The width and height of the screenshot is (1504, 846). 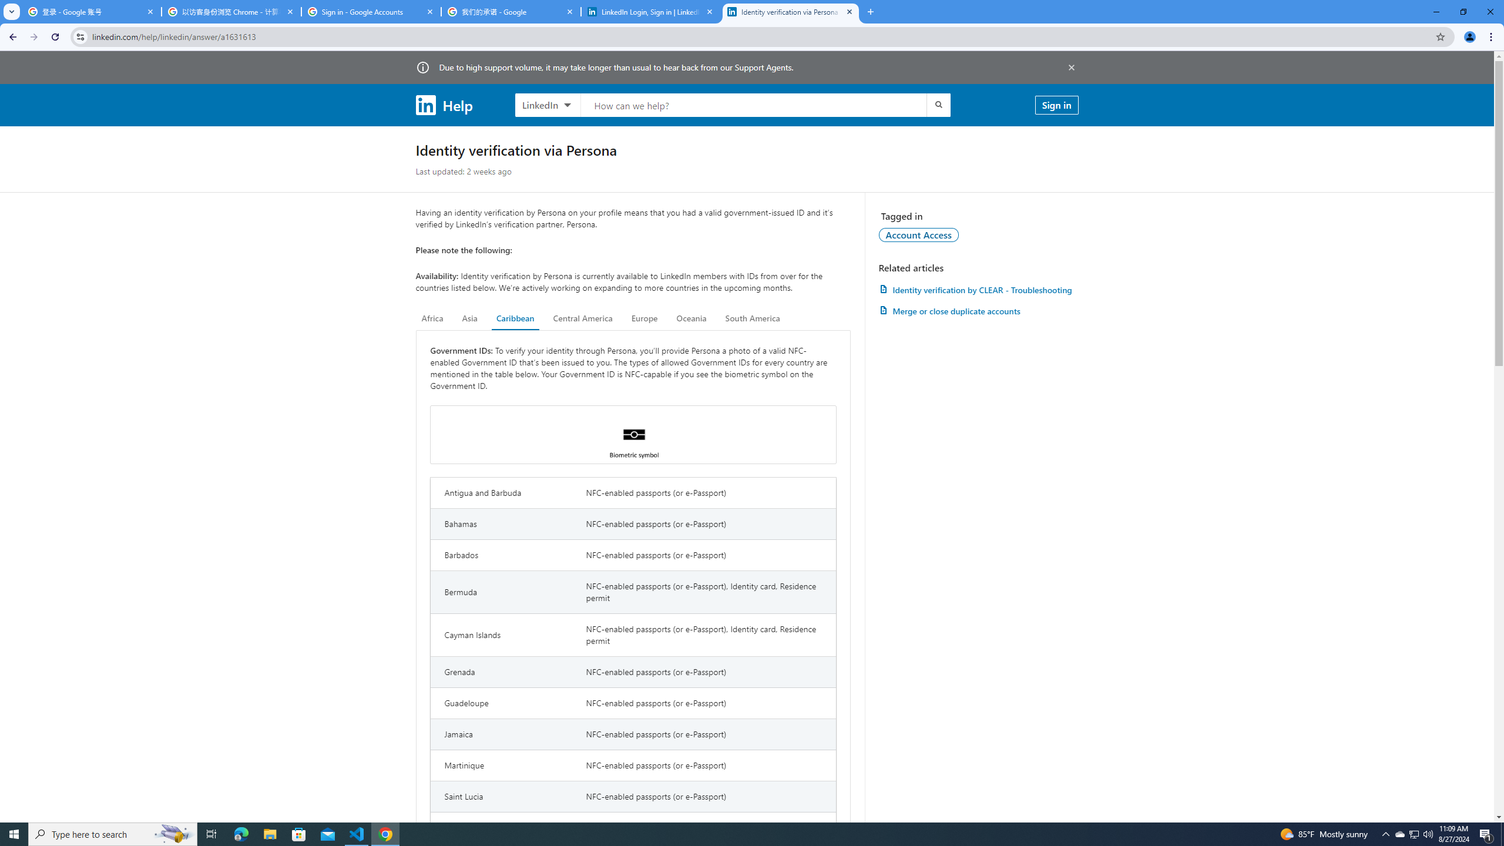 What do you see at coordinates (644, 318) in the screenshot?
I see `'Europe'` at bounding box center [644, 318].